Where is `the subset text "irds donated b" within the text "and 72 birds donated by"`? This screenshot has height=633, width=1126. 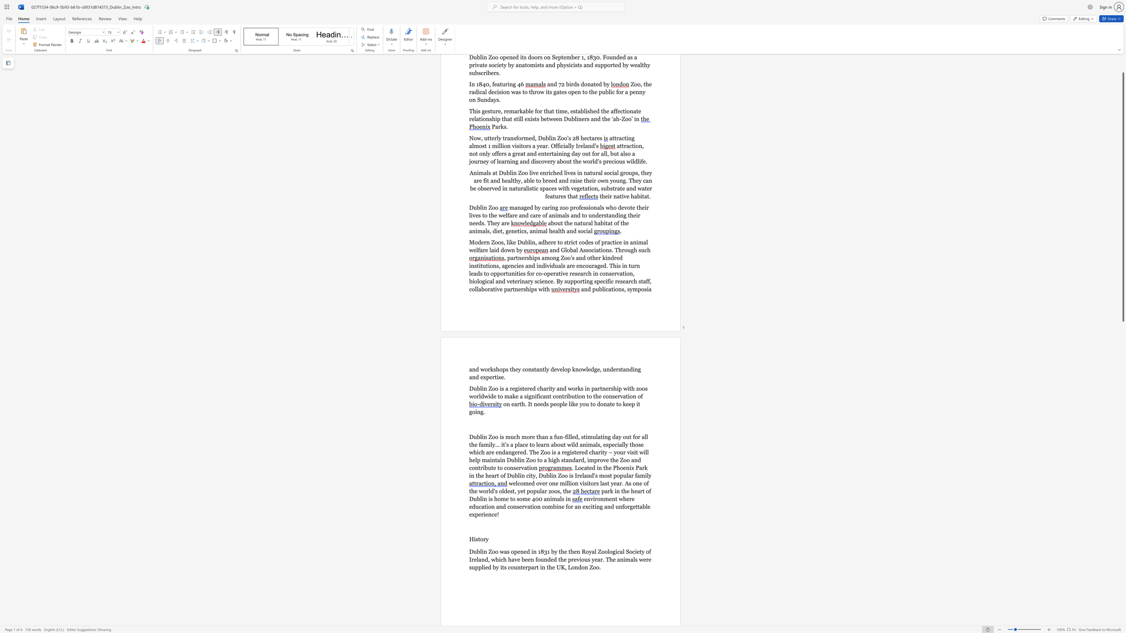
the subset text "irds donated b" within the text "and 72 birds donated by" is located at coordinates (569, 84).